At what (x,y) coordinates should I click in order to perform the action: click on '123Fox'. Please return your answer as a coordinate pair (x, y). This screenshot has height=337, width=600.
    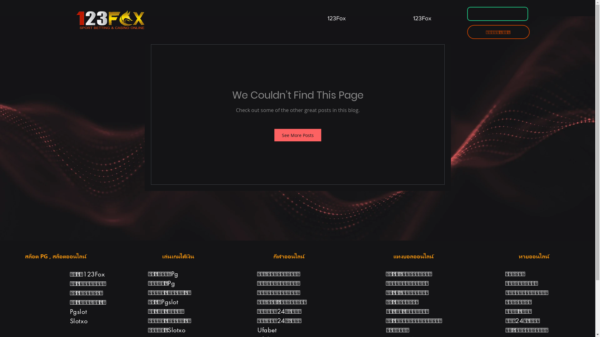
    Looking at the image, I should click on (422, 15).